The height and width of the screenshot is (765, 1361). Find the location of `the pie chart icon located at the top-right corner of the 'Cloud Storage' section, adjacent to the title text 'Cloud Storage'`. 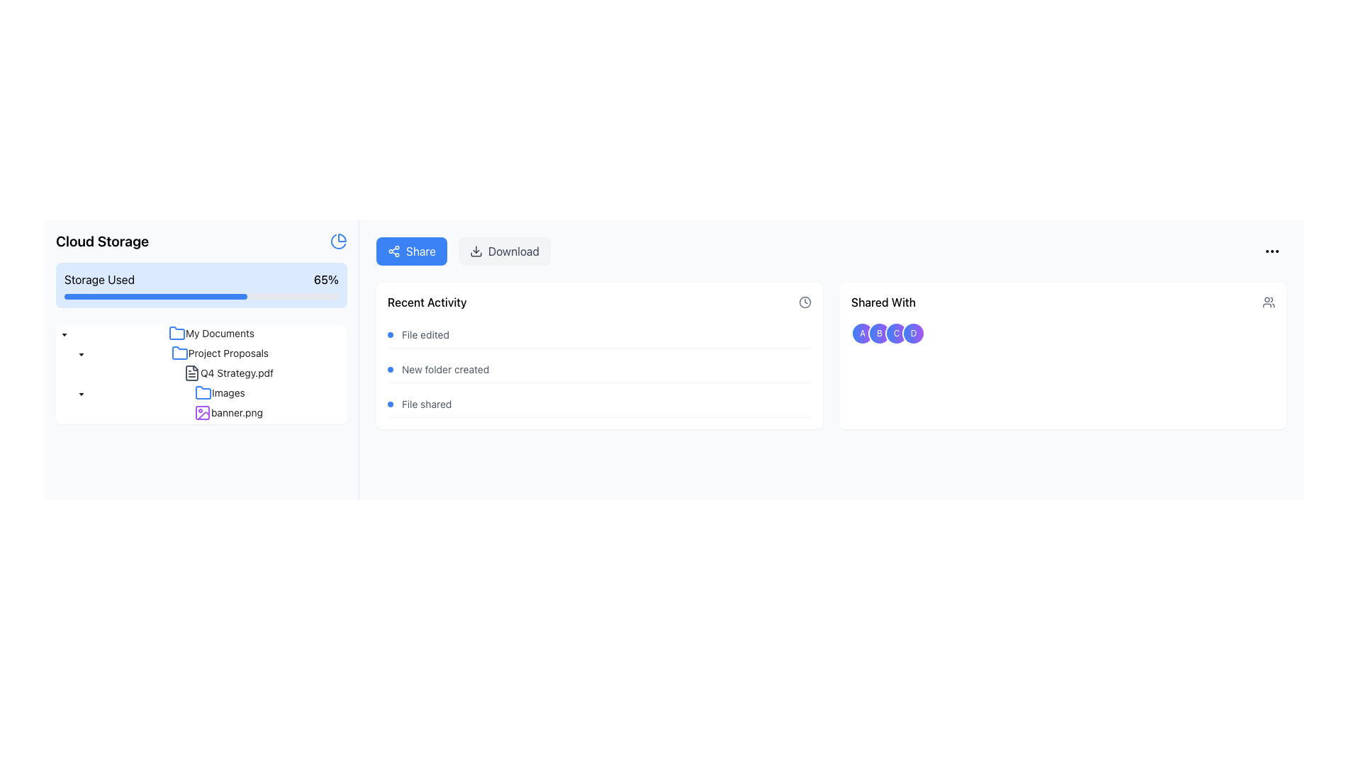

the pie chart icon located at the top-right corner of the 'Cloud Storage' section, adjacent to the title text 'Cloud Storage' is located at coordinates (338, 240).